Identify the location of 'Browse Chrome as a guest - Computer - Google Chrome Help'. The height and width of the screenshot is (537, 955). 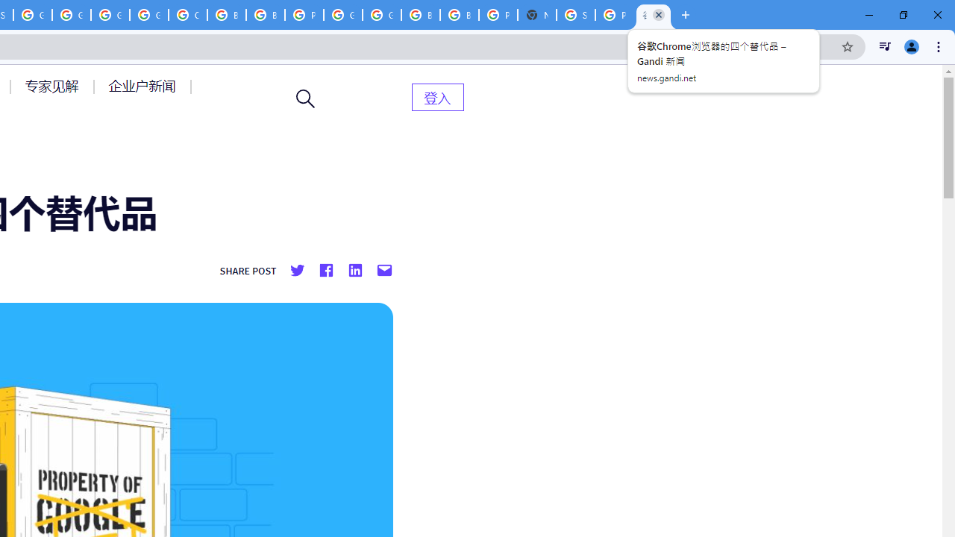
(419, 15).